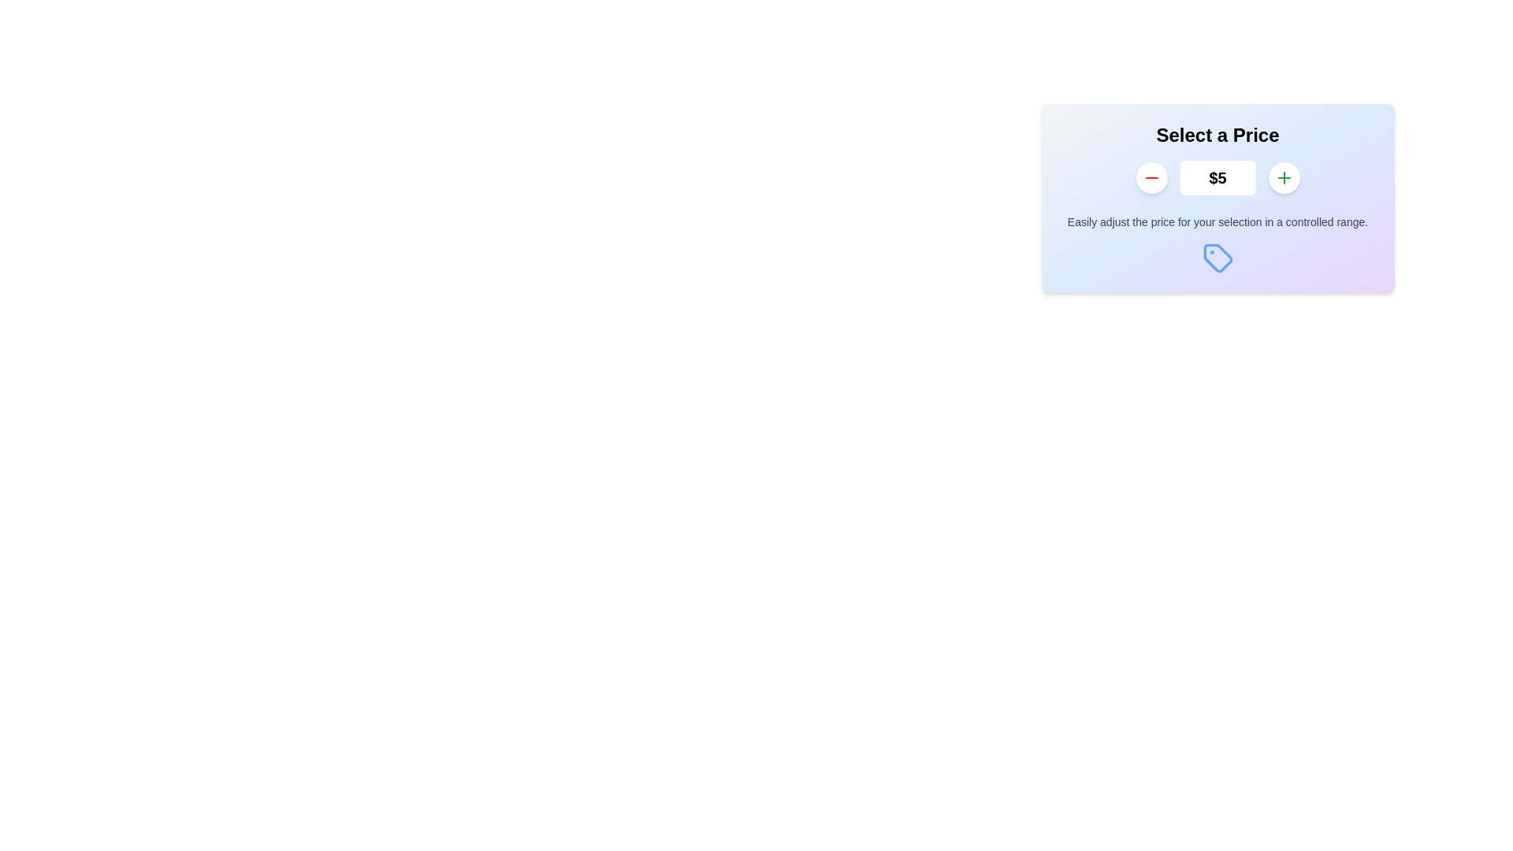 The image size is (1513, 851). Describe the element at coordinates (1284, 177) in the screenshot. I see `the circular button with a green '+' icon, located on the right side of a group of items, for accessibility interaction` at that location.